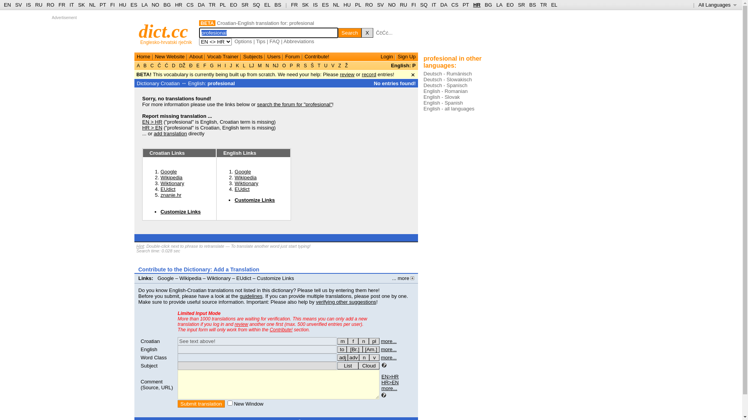 The height and width of the screenshot is (420, 748). What do you see at coordinates (717, 5) in the screenshot?
I see `'All Languages '` at bounding box center [717, 5].